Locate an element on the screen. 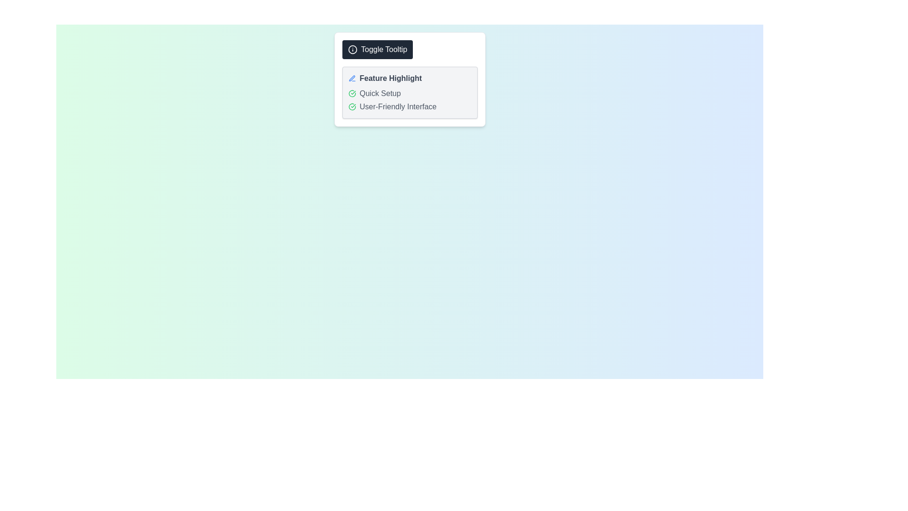 This screenshot has width=908, height=511. the button located at the top of the white card with a light gray border, designed to toggle the visibility of a tooltip for additional context or guidance is located at coordinates (377, 49).